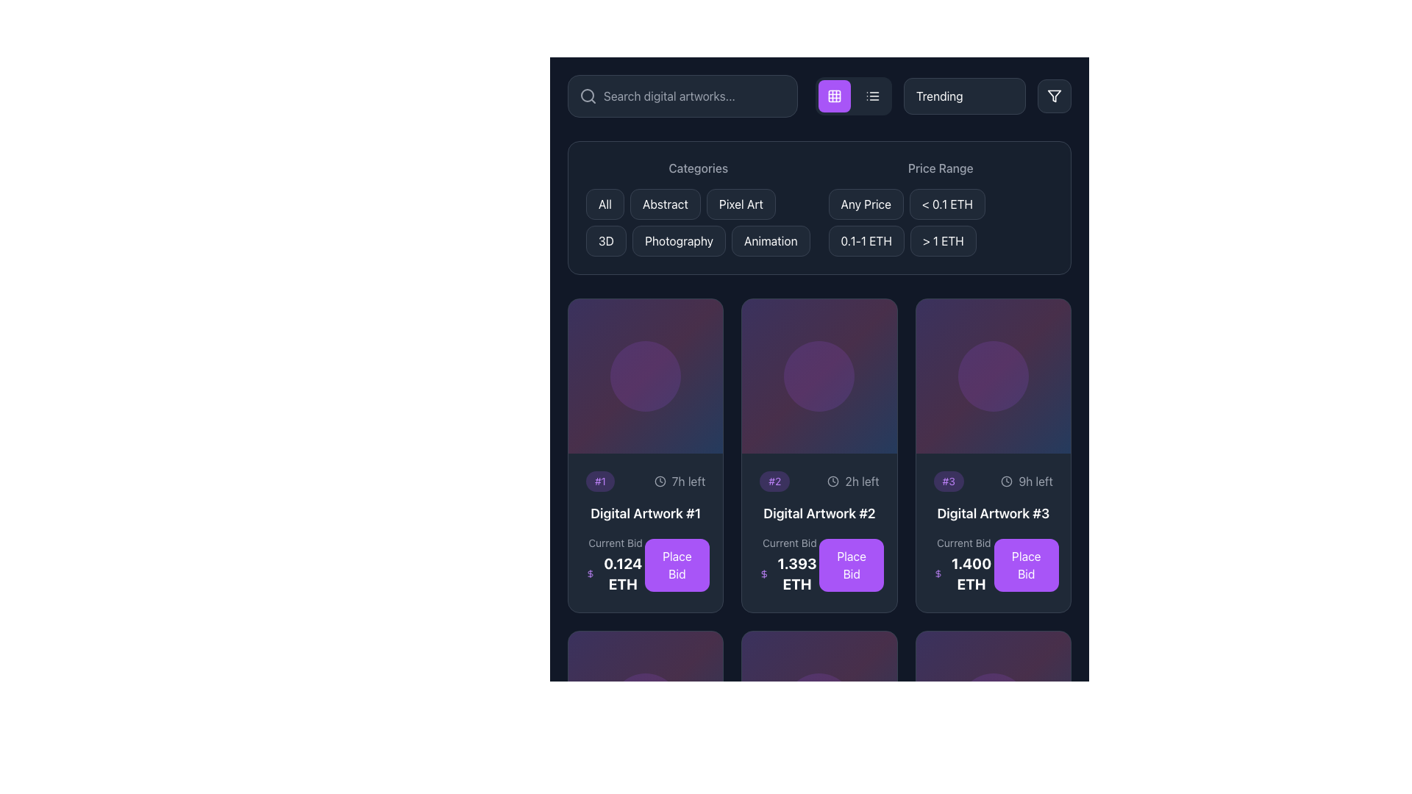  Describe the element at coordinates (833, 482) in the screenshot. I see `the visual representation of the clock icon located to the left of the '2h left' label in the second artwork's card` at that location.